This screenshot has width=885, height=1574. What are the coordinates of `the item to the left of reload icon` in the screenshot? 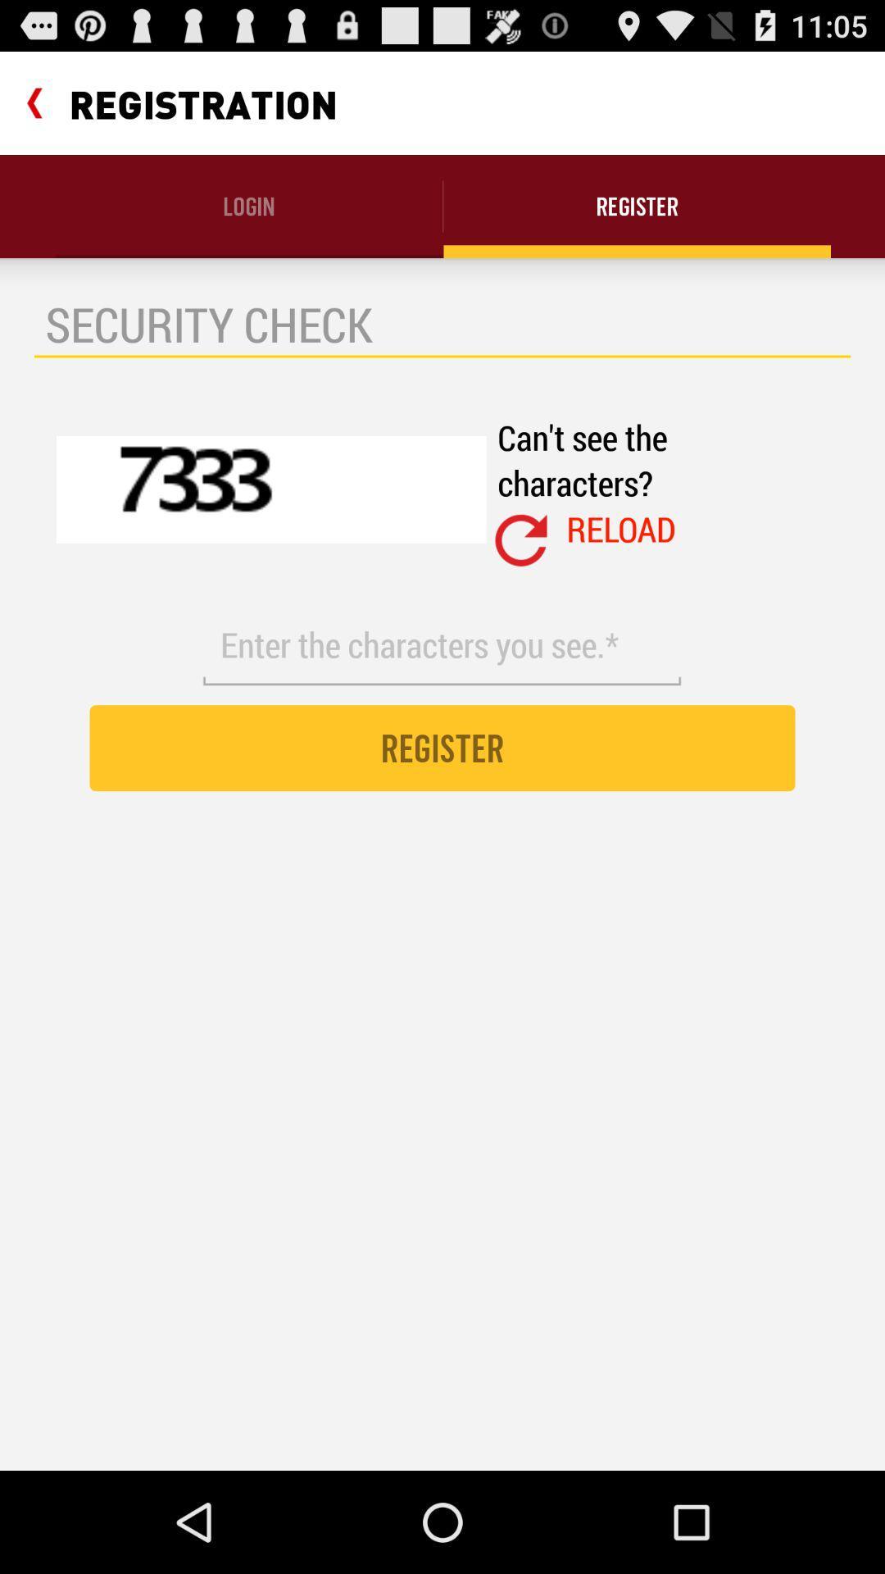 It's located at (521, 540).